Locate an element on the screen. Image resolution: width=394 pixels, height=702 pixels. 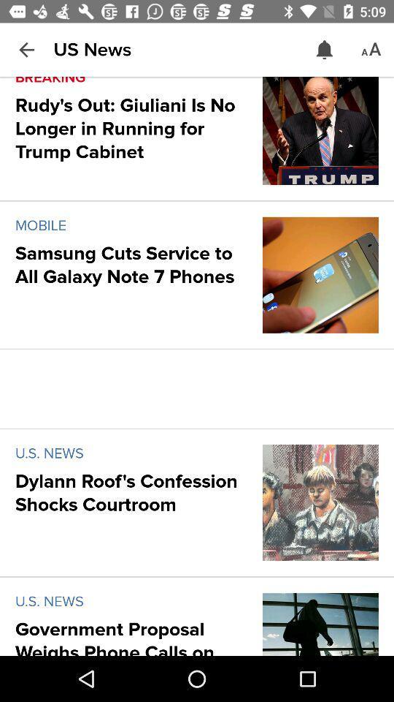
icon above the breaking icon is located at coordinates (26, 50).